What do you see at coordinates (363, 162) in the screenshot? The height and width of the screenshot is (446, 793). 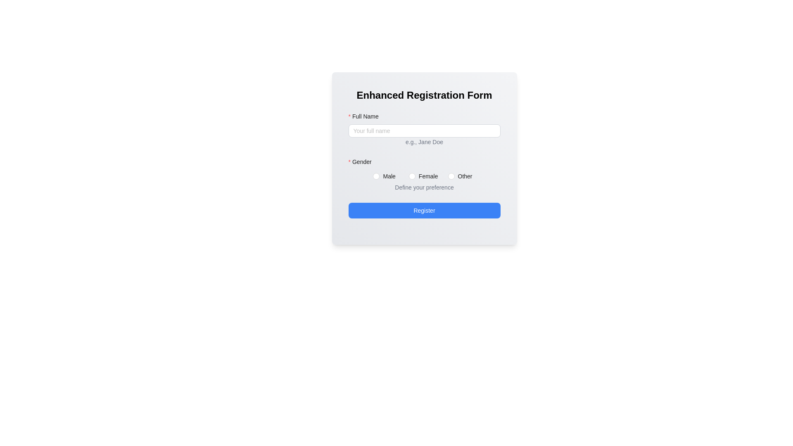 I see `the gender label element that provides context for the gender selection input, located below the 'Full Name' label` at bounding box center [363, 162].